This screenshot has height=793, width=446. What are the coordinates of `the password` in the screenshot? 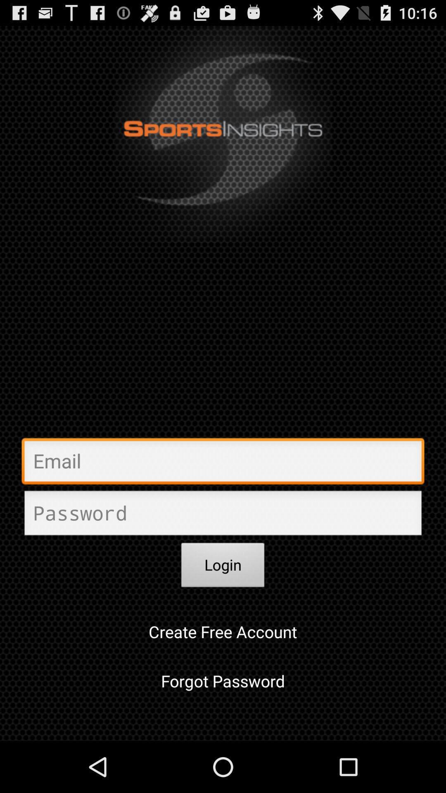 It's located at (223, 515).